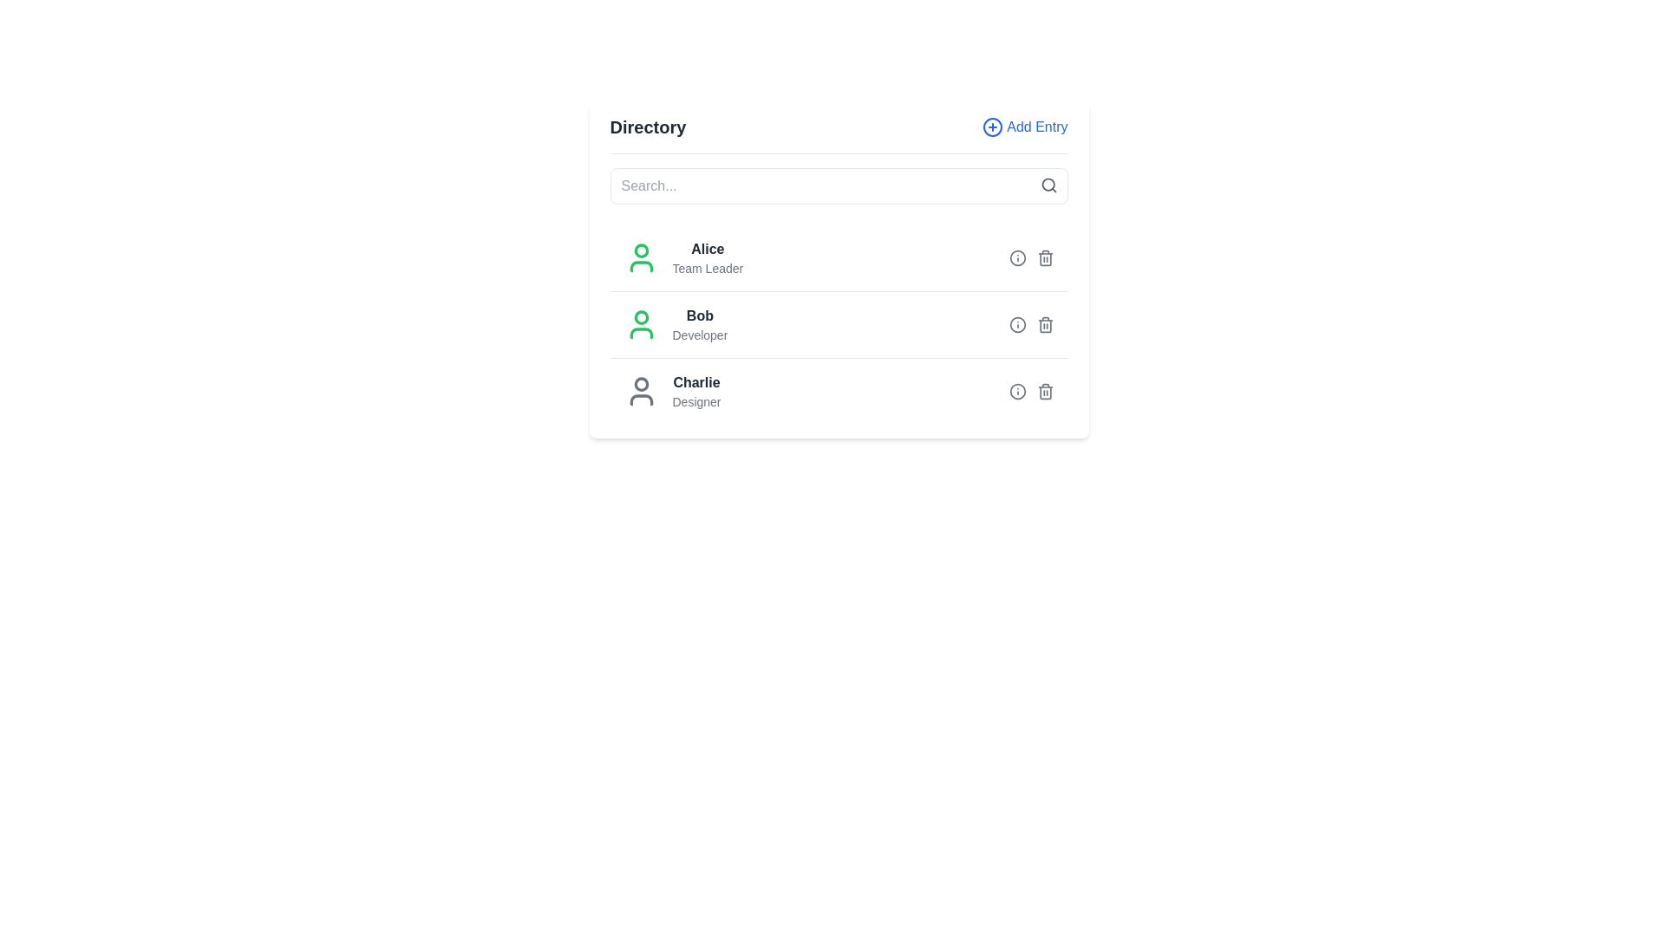 The width and height of the screenshot is (1665, 936). Describe the element at coordinates (1017, 257) in the screenshot. I see `the information icon located to the left of the delete icon for the entry 'Alice'` at that location.